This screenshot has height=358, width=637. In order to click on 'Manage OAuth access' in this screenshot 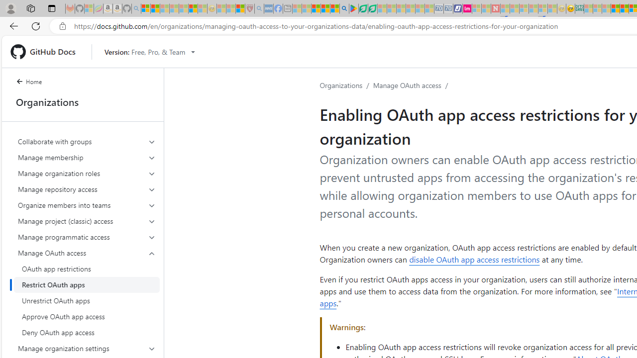, I will do `click(407, 85)`.